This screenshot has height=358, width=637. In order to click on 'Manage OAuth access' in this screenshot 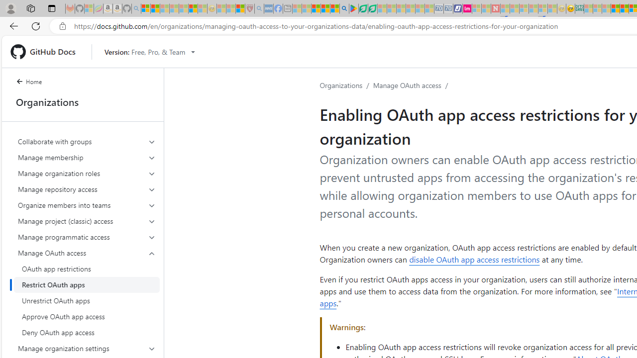, I will do `click(407, 85)`.